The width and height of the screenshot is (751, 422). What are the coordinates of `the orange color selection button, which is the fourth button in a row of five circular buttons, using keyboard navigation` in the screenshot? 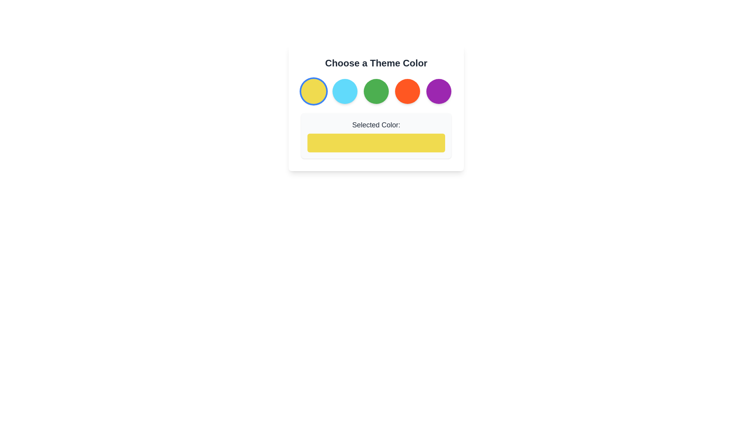 It's located at (407, 91).